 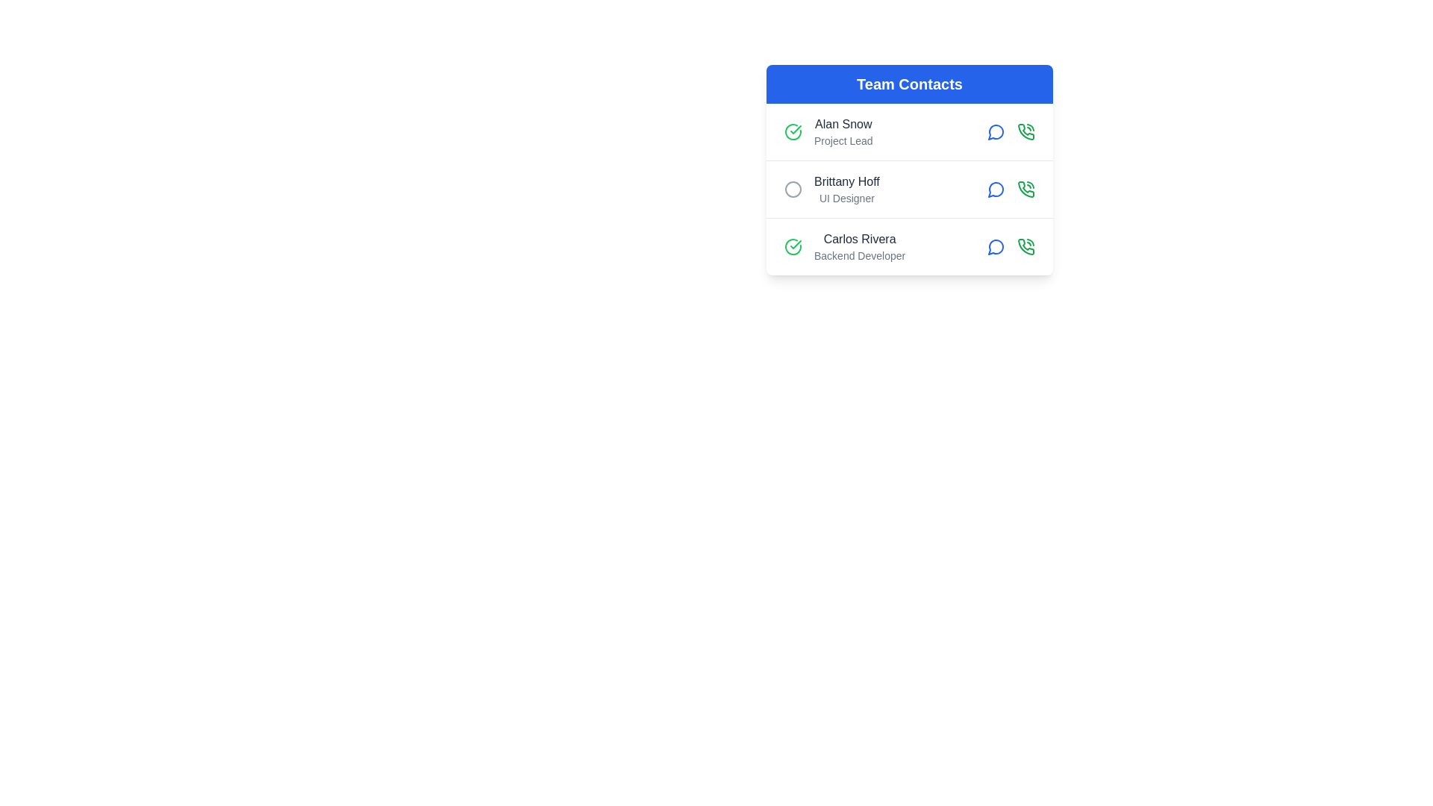 What do you see at coordinates (909, 131) in the screenshot?
I see `the contact row corresponding to Alan Snow` at bounding box center [909, 131].